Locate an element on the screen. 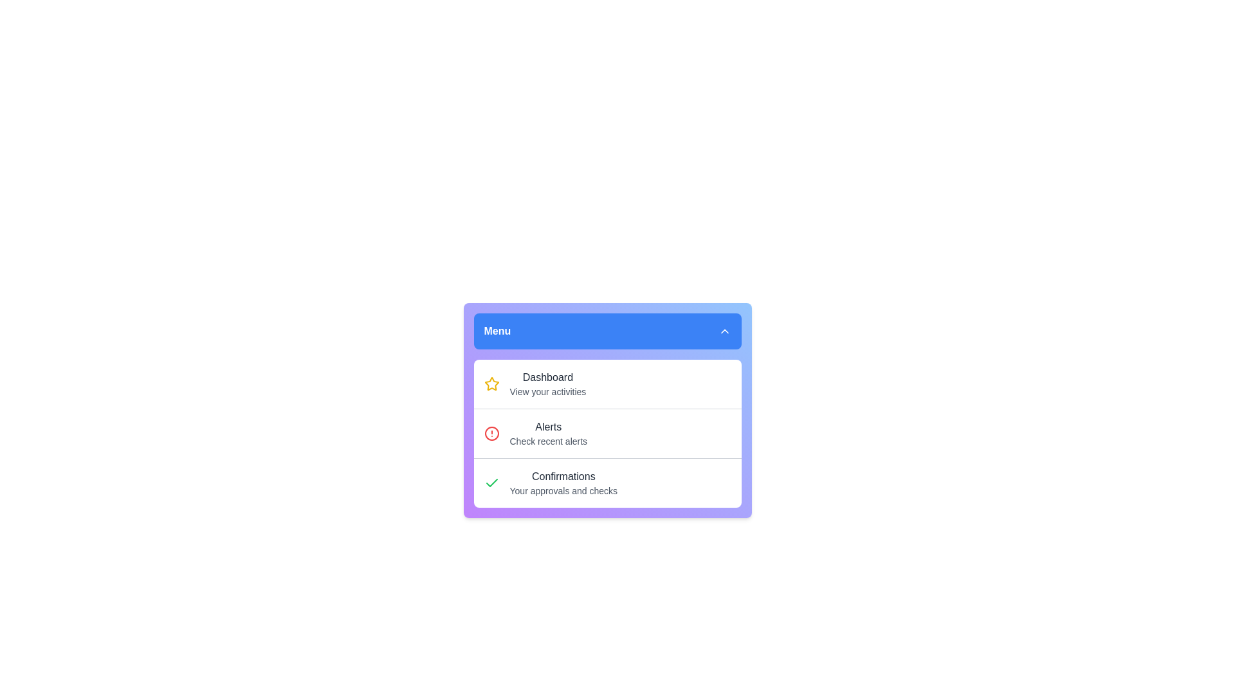 Image resolution: width=1235 pixels, height=695 pixels. the 'Dashboard' navigation list item is located at coordinates (607, 384).